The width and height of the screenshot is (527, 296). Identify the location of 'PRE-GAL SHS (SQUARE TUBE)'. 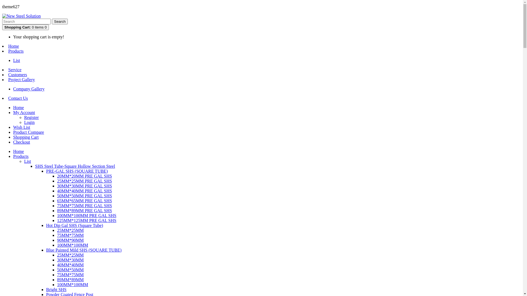
(46, 171).